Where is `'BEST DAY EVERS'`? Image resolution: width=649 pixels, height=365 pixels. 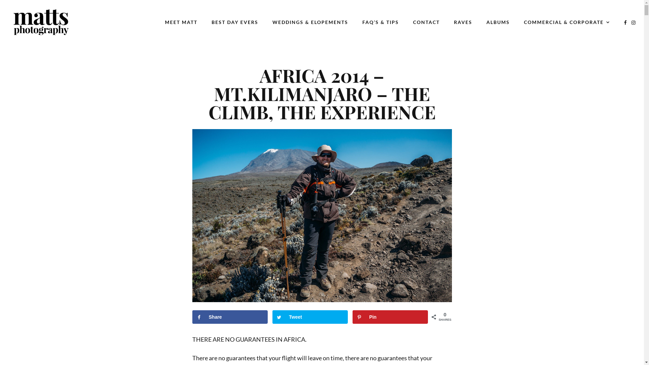
'BEST DAY EVERS' is located at coordinates (211, 22).